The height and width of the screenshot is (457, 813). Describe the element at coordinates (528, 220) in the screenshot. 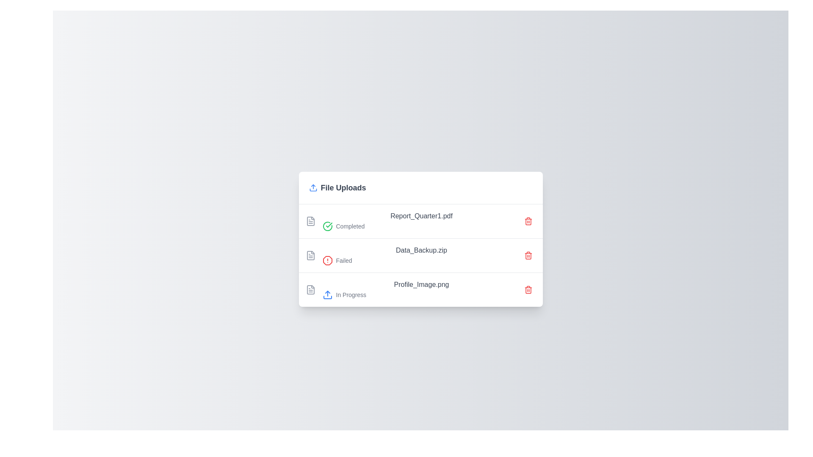

I see `the trash bin icon, which is red and located to the right of the file name 'Report_Quarter1.pdf' in the first row of the file list` at that location.